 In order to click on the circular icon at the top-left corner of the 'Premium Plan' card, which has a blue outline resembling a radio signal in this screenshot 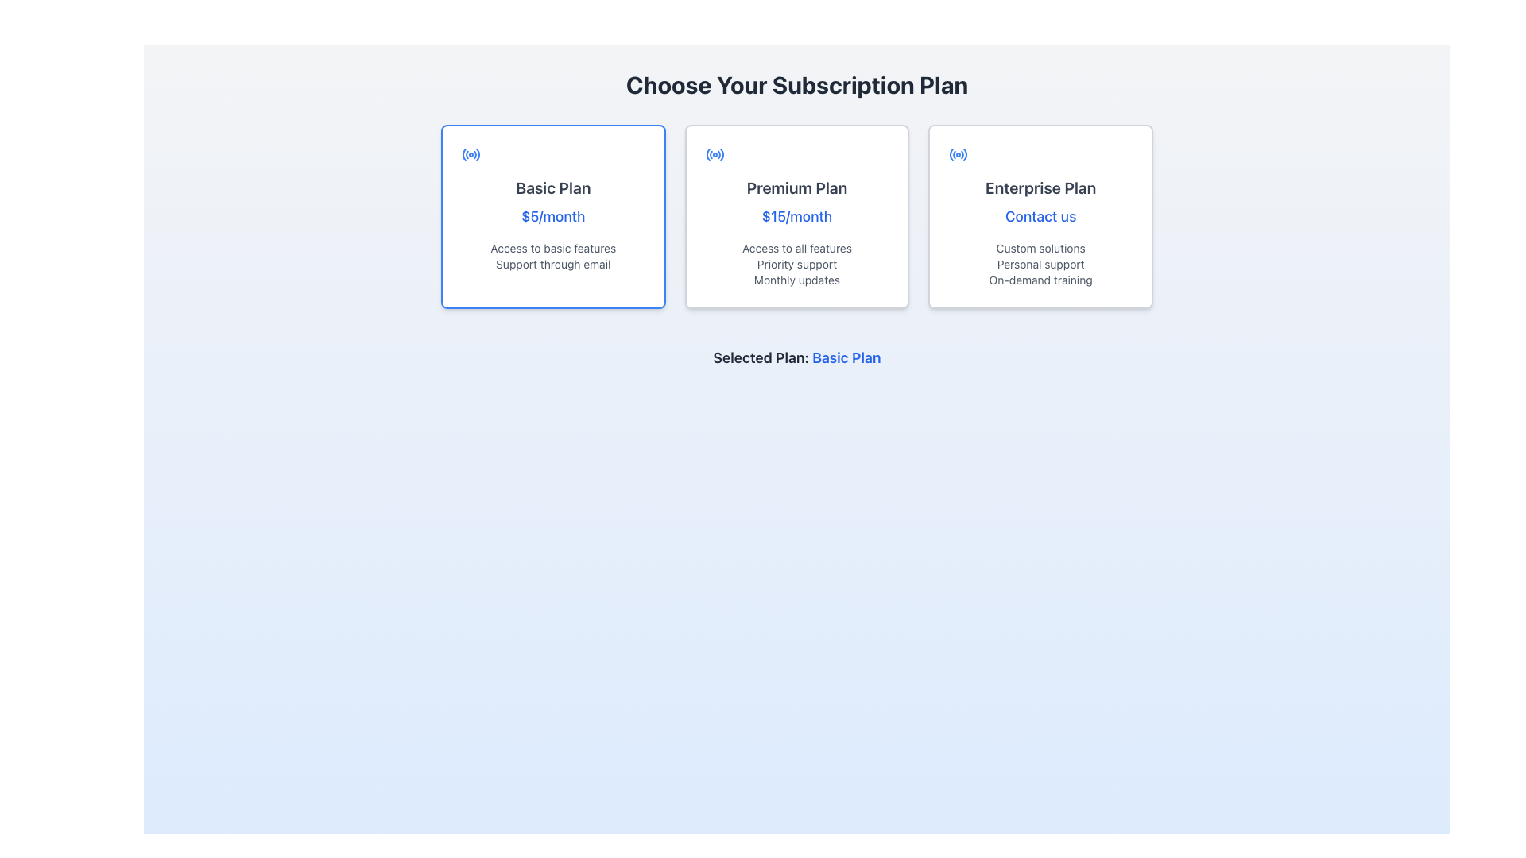, I will do `click(714, 155)`.